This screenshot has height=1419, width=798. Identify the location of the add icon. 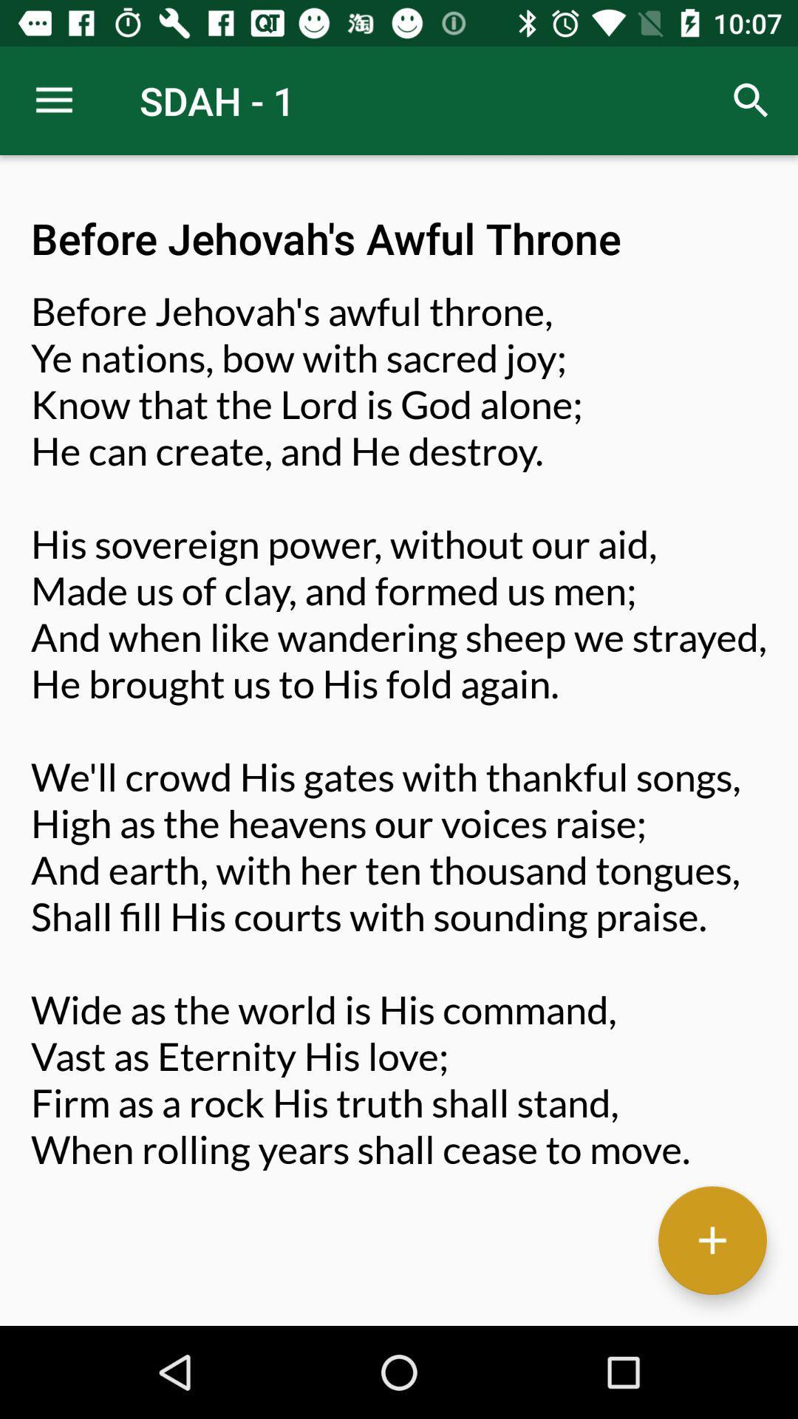
(712, 1240).